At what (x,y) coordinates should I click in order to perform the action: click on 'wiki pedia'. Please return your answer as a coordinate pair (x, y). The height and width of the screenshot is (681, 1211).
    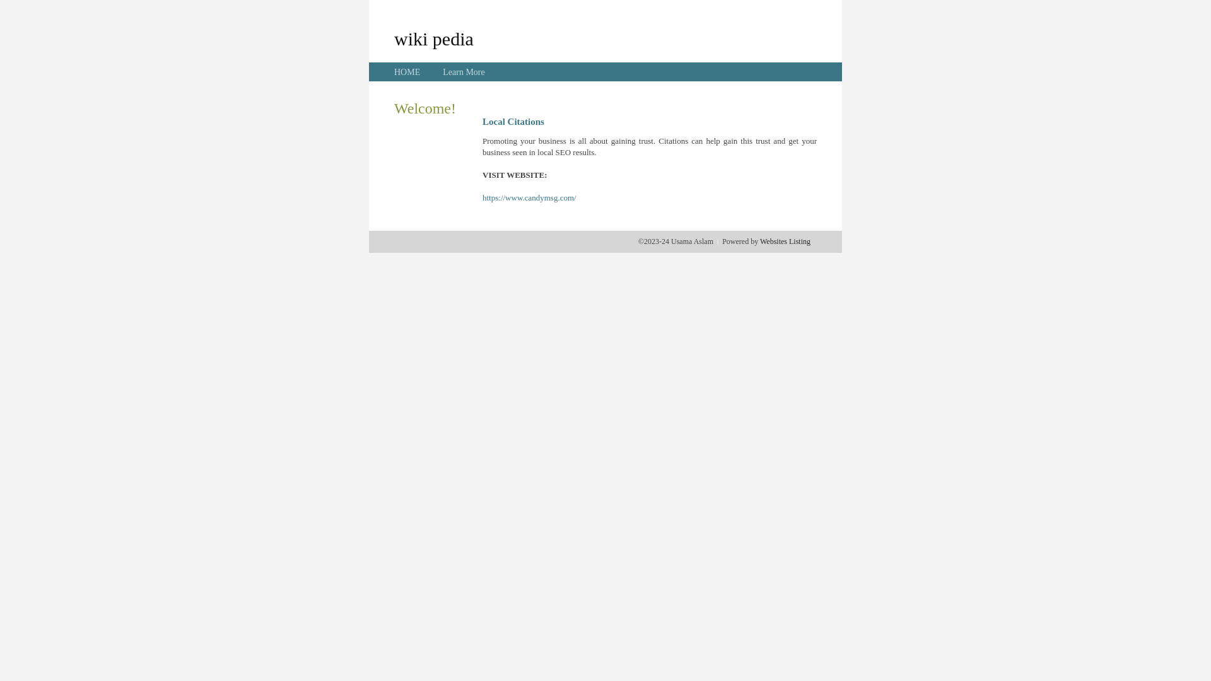
    Looking at the image, I should click on (433, 38).